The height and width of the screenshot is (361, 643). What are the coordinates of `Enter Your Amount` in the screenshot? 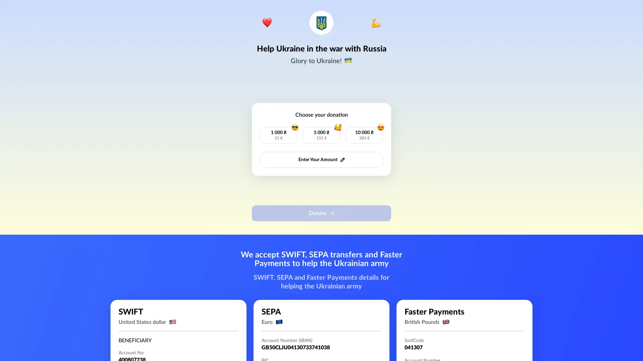 It's located at (321, 160).